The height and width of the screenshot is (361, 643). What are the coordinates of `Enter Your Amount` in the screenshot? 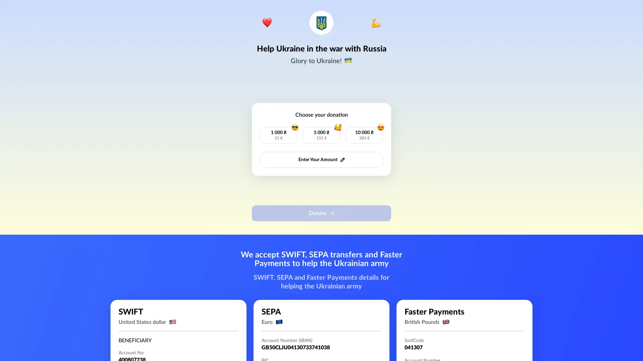 It's located at (321, 160).